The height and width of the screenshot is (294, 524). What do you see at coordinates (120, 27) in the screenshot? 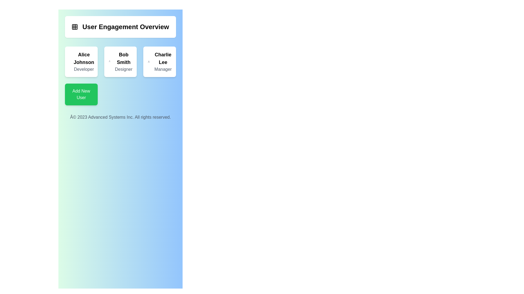
I see `title text of the label located in the top-left portion of the card, which serves as a heading for the content below` at bounding box center [120, 27].